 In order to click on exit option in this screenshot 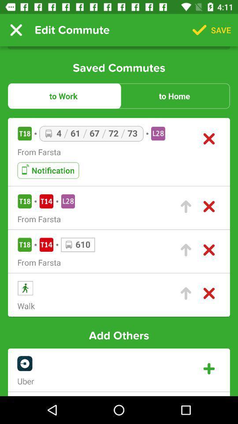, I will do `click(208, 207)`.